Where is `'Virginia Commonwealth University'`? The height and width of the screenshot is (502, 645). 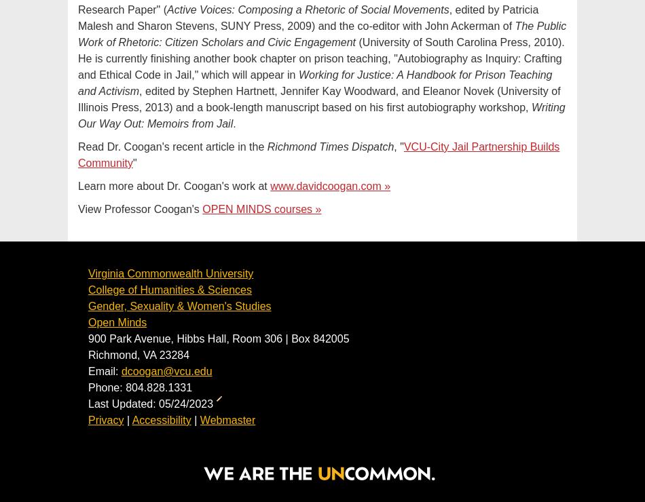
'Virginia Commonwealth University' is located at coordinates (88, 273).